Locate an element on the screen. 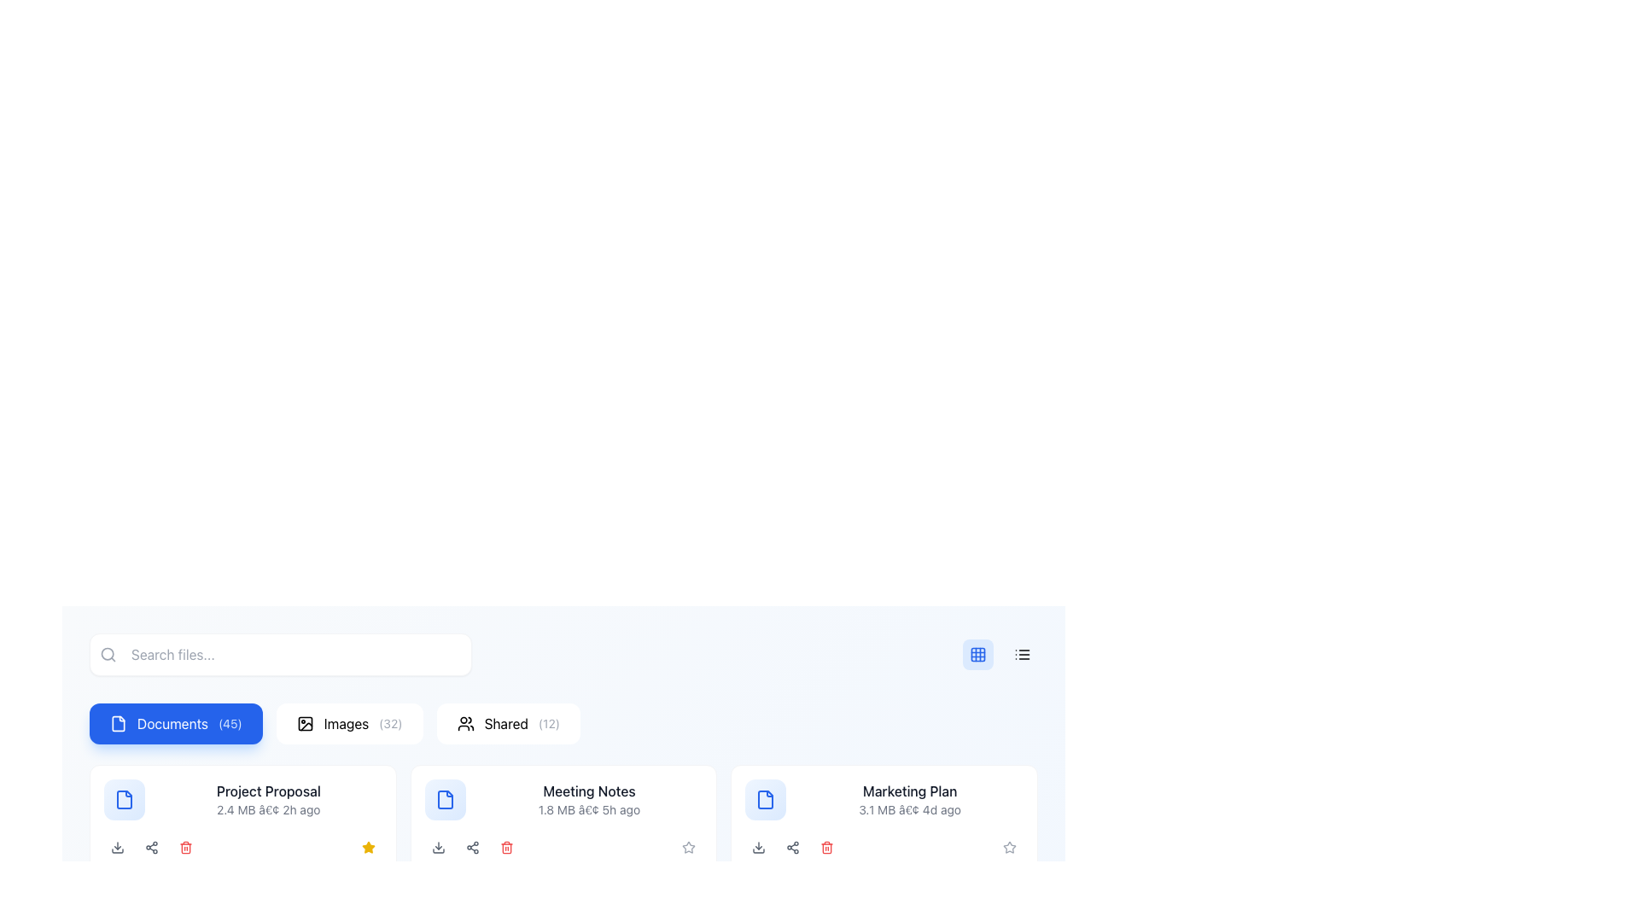 Image resolution: width=1639 pixels, height=922 pixels. the active section of the navigation bar labeled 'Documents(45)' to interact with tooltips or styling changes is located at coordinates (563, 724).